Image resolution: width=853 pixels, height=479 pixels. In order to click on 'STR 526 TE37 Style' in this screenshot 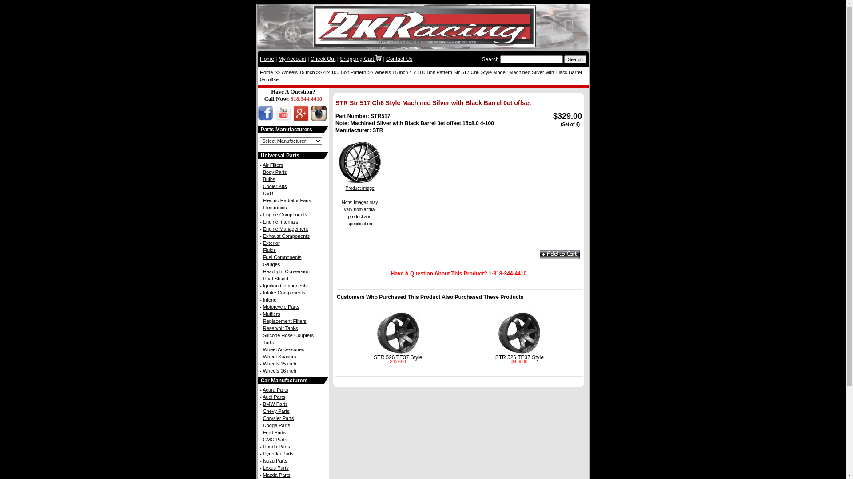, I will do `click(519, 355)`.